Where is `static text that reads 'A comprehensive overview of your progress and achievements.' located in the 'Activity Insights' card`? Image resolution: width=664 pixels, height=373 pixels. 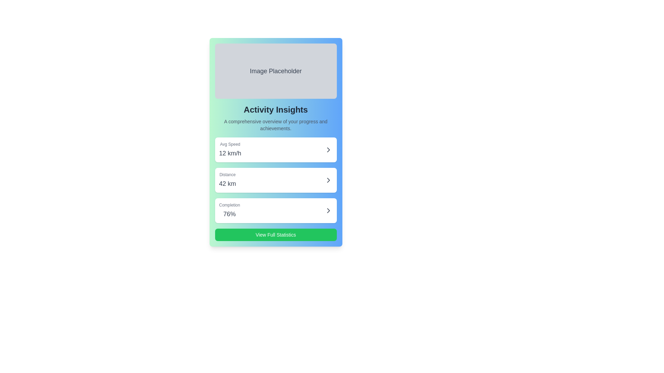
static text that reads 'A comprehensive overview of your progress and achievements.' located in the 'Activity Insights' card is located at coordinates (275, 125).